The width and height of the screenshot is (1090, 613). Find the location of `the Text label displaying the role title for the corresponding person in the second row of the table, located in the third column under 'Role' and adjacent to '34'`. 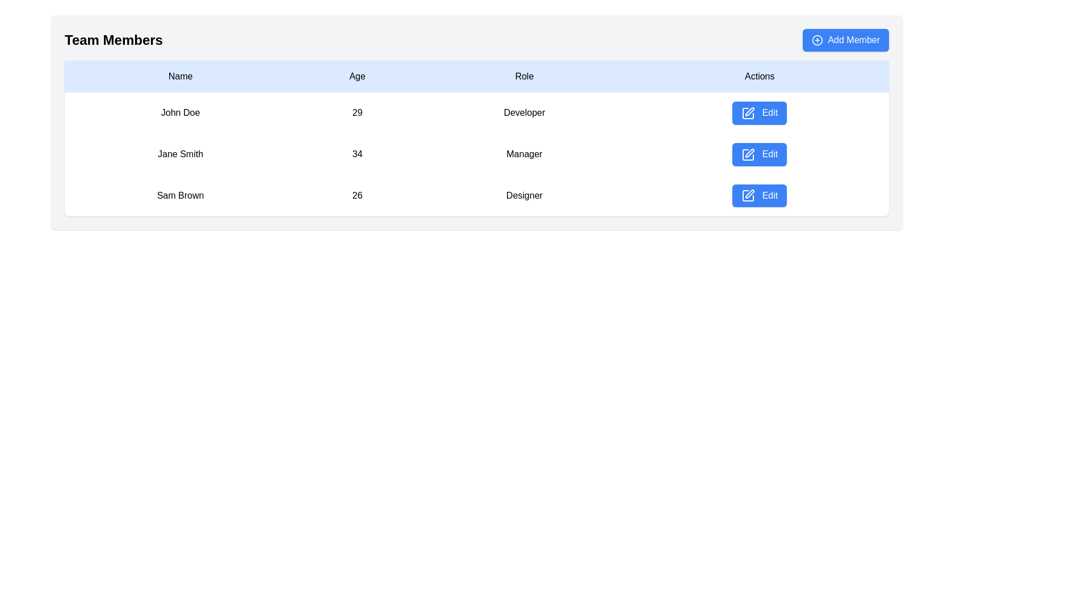

the Text label displaying the role title for the corresponding person in the second row of the table, located in the third column under 'Role' and adjacent to '34' is located at coordinates (523, 154).